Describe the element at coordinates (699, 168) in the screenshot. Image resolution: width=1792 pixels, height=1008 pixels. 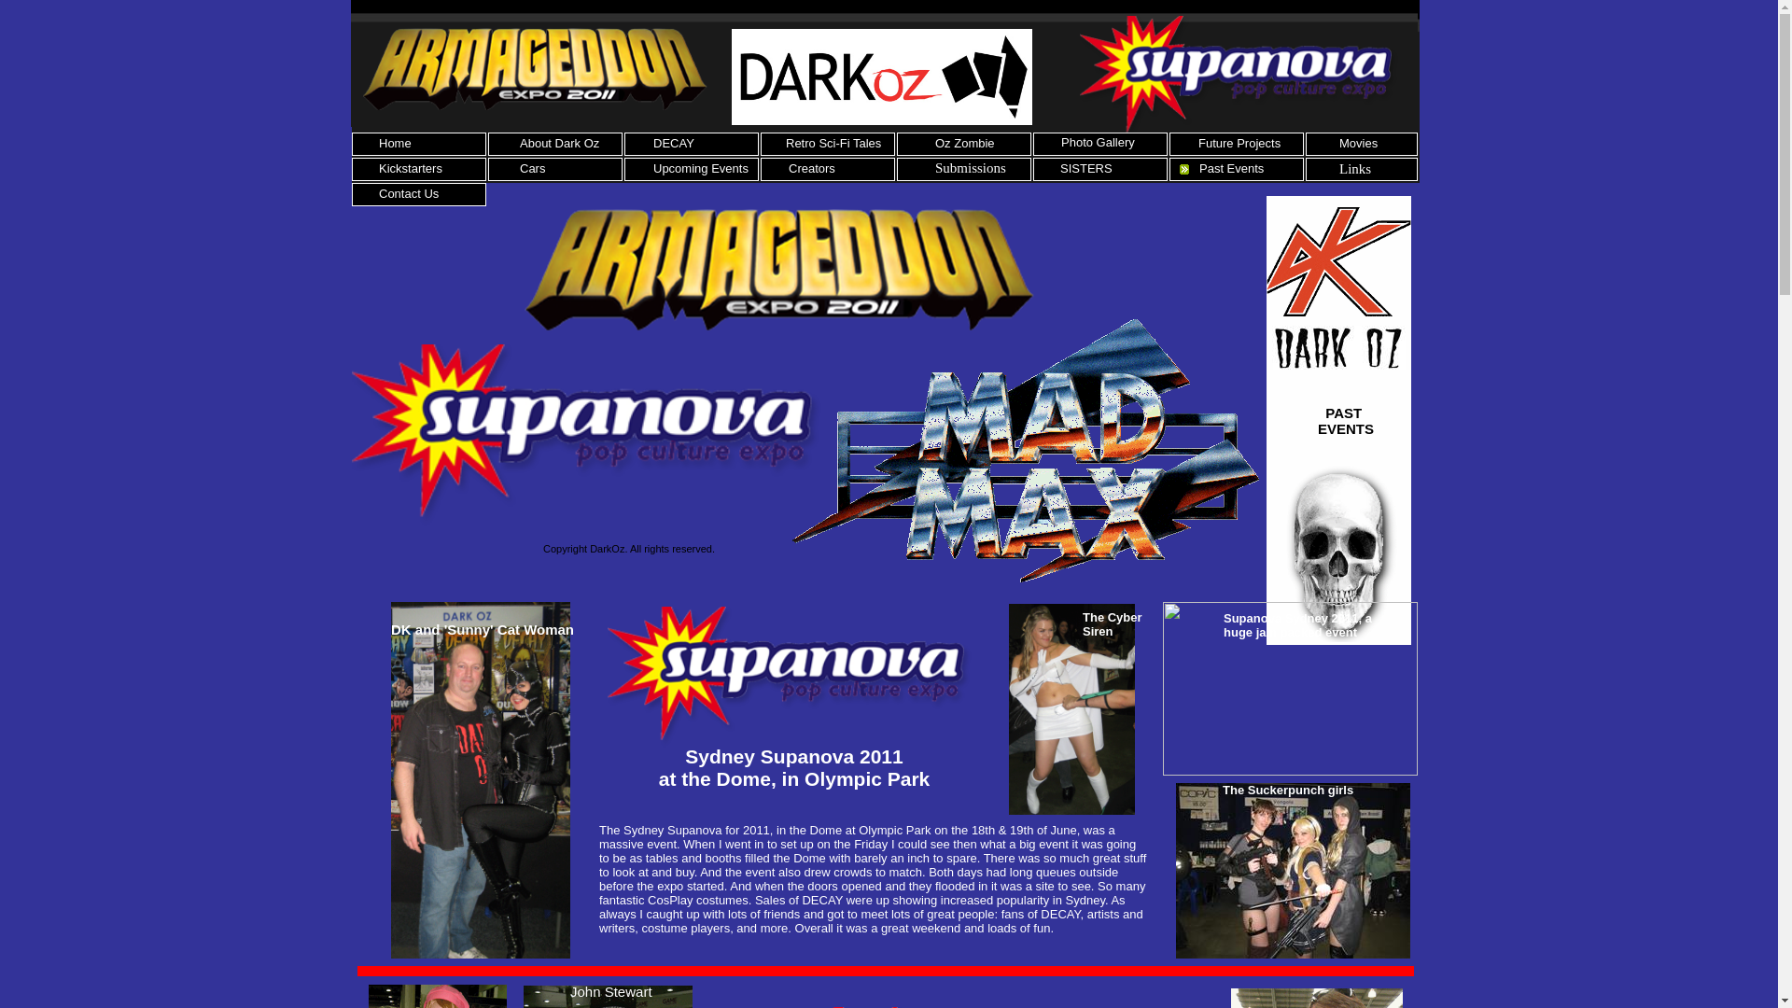
I see `'Upcoming Events'` at that location.